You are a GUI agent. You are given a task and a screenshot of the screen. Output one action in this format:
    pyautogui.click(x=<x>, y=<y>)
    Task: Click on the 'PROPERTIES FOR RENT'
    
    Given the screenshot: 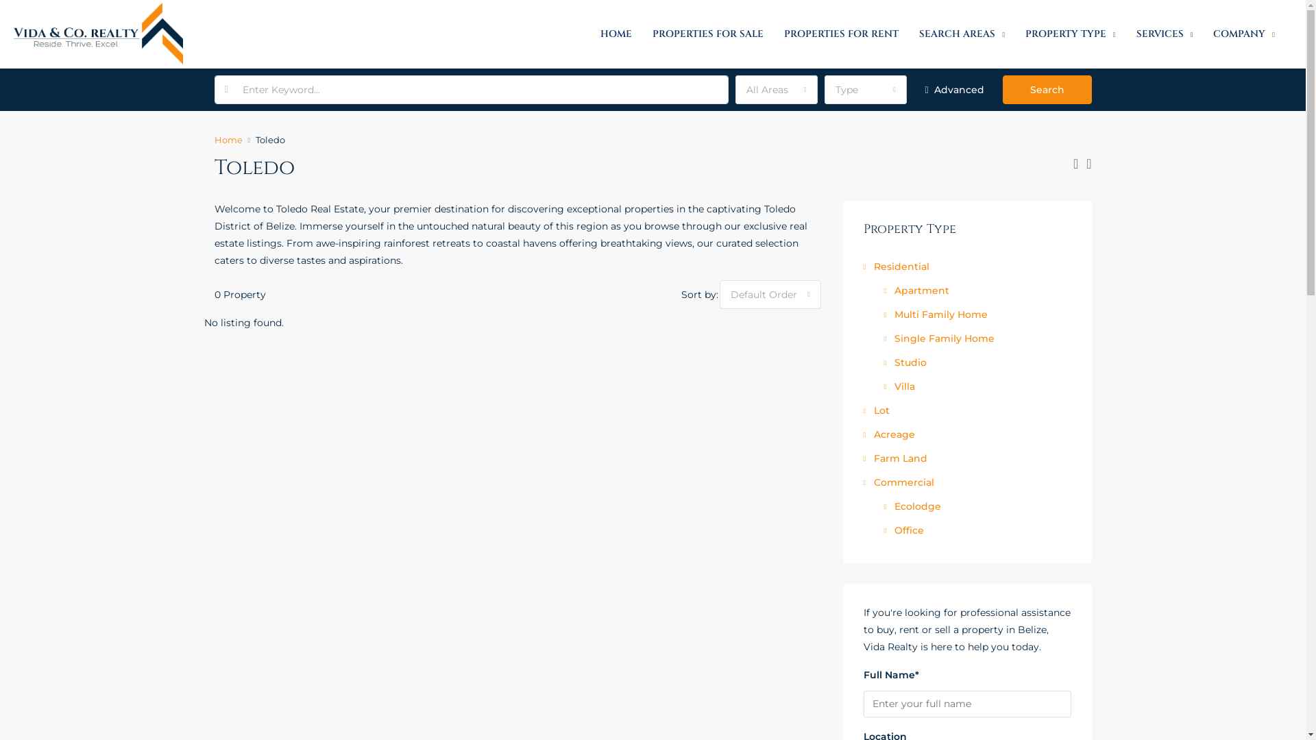 What is the action you would take?
    pyautogui.click(x=840, y=34)
    